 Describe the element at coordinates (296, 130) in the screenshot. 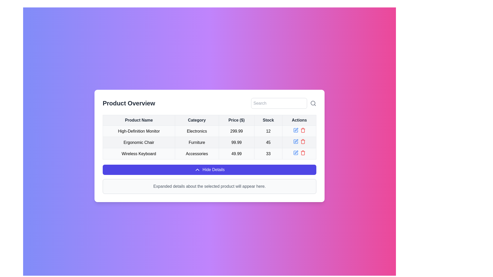

I see `the blue pen-like icon button representing the edit action for the 'Ergonomic Chair' product` at that location.